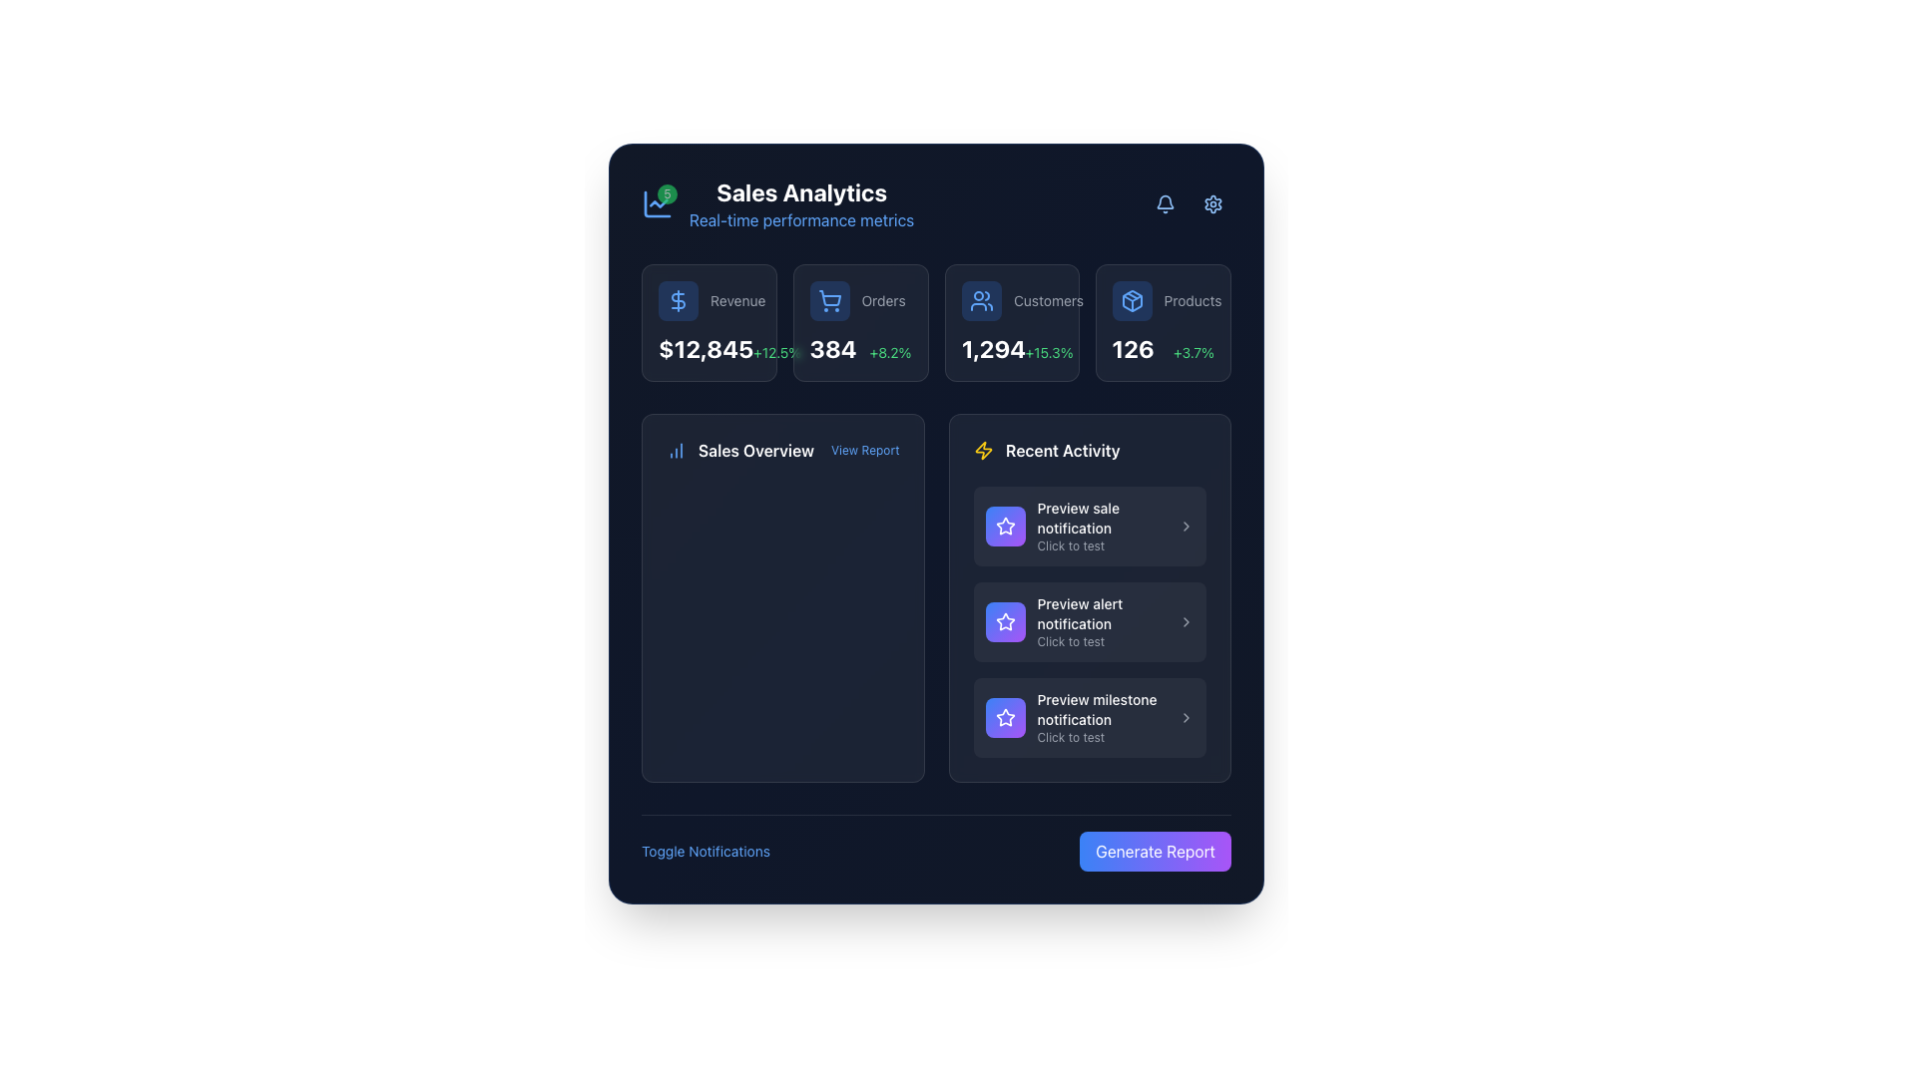 The height and width of the screenshot is (1077, 1916). What do you see at coordinates (981, 300) in the screenshot?
I see `the 'Customers' icon located in the top section of the dashboard` at bounding box center [981, 300].